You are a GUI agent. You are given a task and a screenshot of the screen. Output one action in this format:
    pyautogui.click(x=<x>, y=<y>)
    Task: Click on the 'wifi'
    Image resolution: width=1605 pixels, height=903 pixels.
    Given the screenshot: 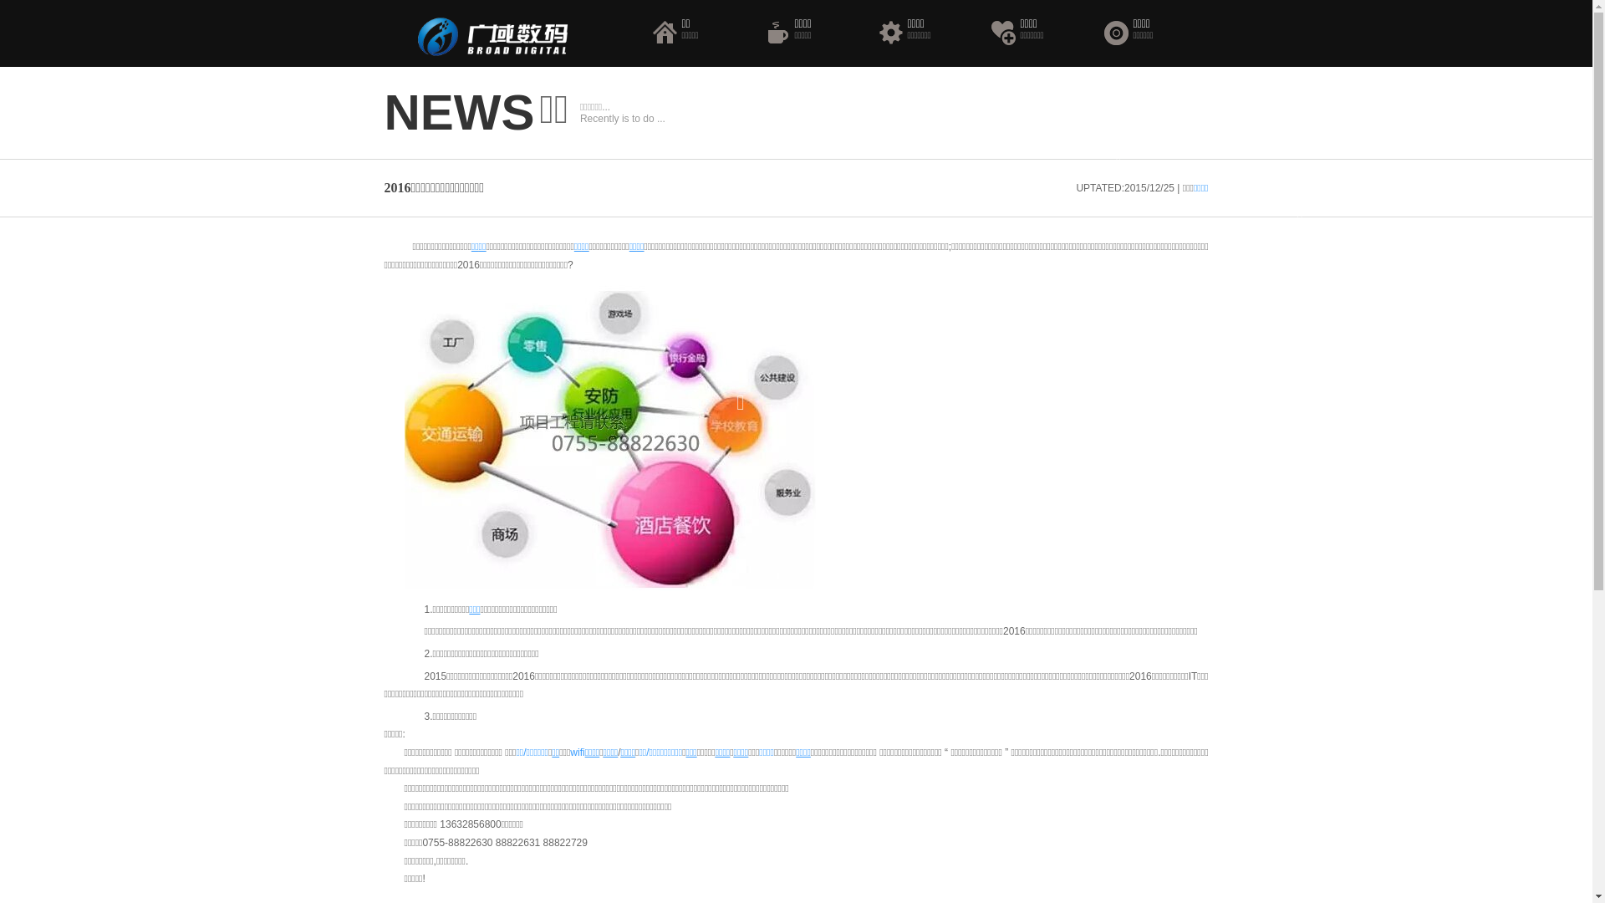 What is the action you would take?
    pyautogui.click(x=577, y=751)
    